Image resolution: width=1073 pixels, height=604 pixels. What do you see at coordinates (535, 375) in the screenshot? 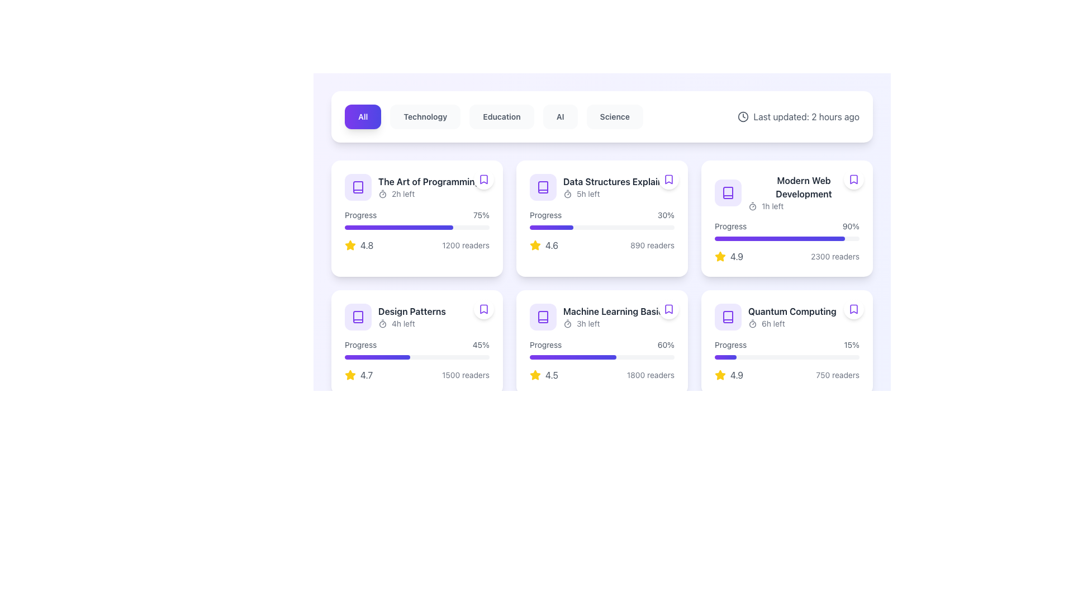
I see `the yellow star icon, which is the sixth star in the rating system located in the bottom-right card of the layout` at bounding box center [535, 375].